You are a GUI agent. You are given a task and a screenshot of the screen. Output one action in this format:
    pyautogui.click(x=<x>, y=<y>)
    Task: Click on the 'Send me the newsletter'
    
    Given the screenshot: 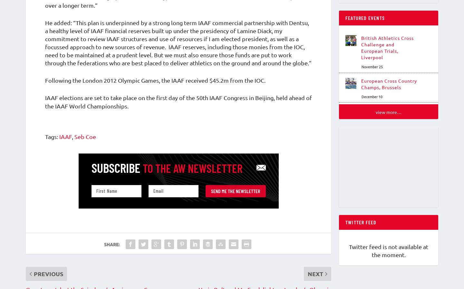 What is the action you would take?
    pyautogui.click(x=235, y=194)
    